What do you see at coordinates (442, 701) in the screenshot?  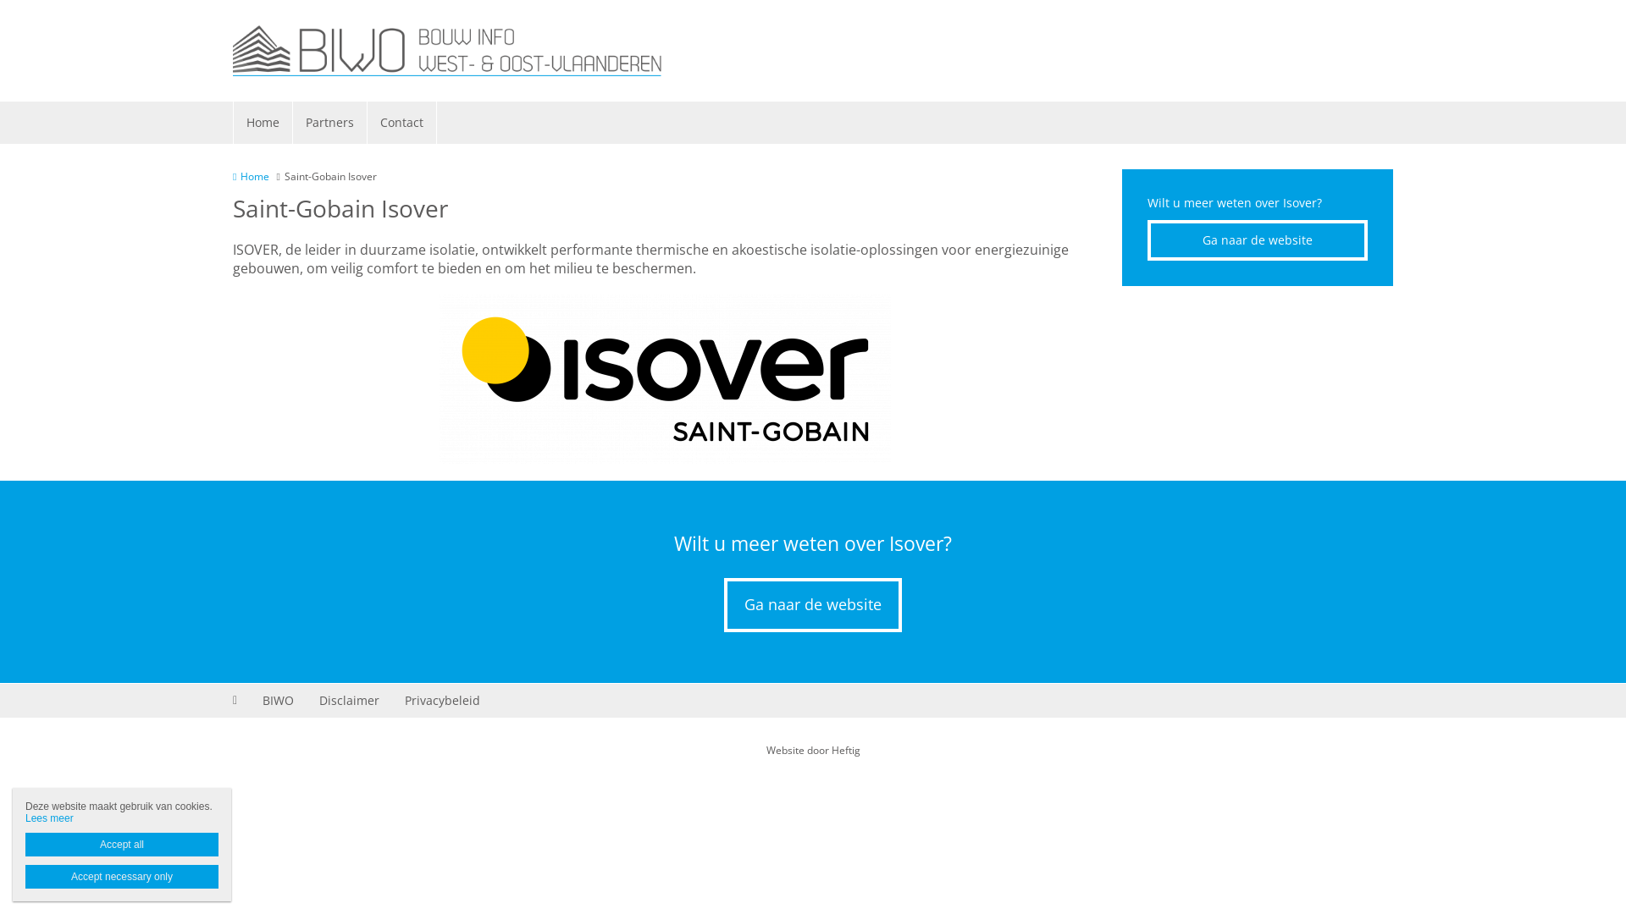 I see `'Privacybeleid'` at bounding box center [442, 701].